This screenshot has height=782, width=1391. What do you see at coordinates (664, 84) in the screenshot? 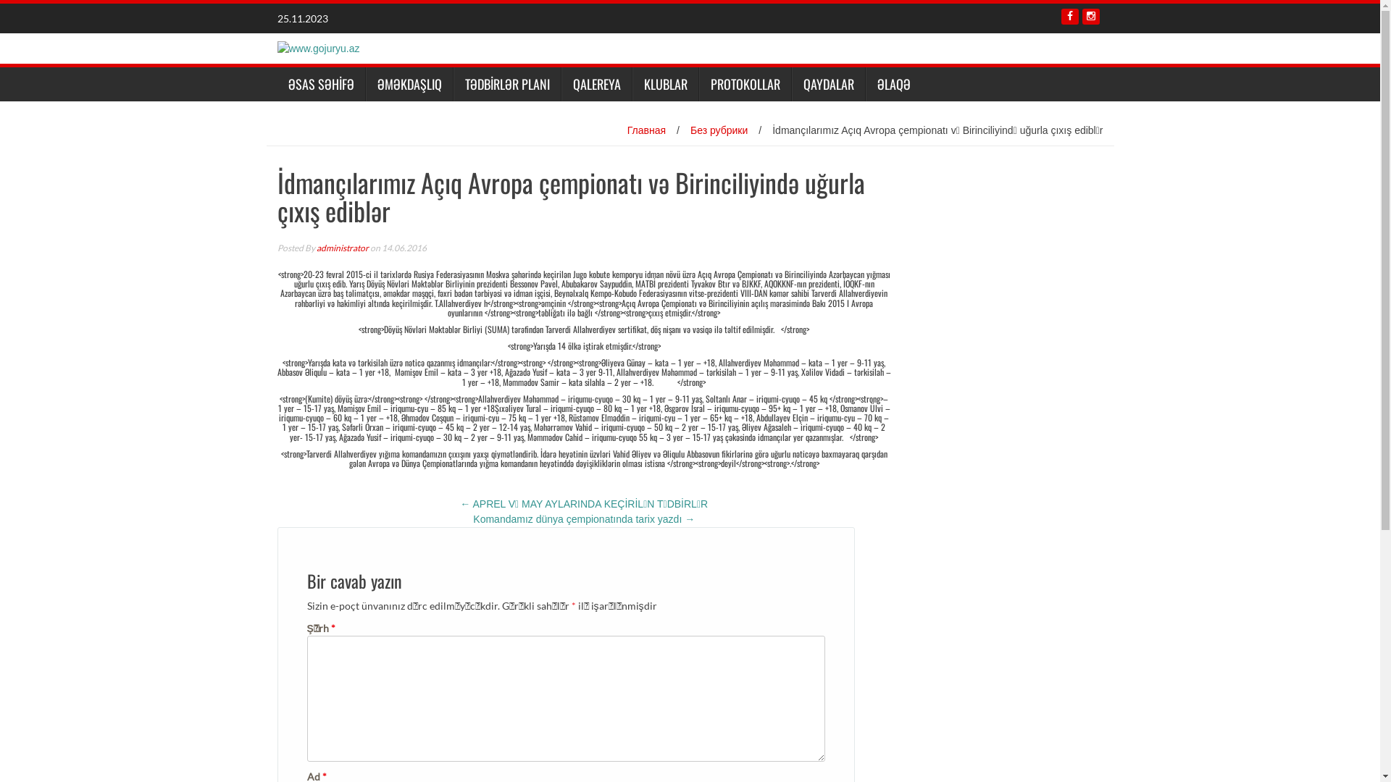
I see `'KLUBLAR'` at bounding box center [664, 84].